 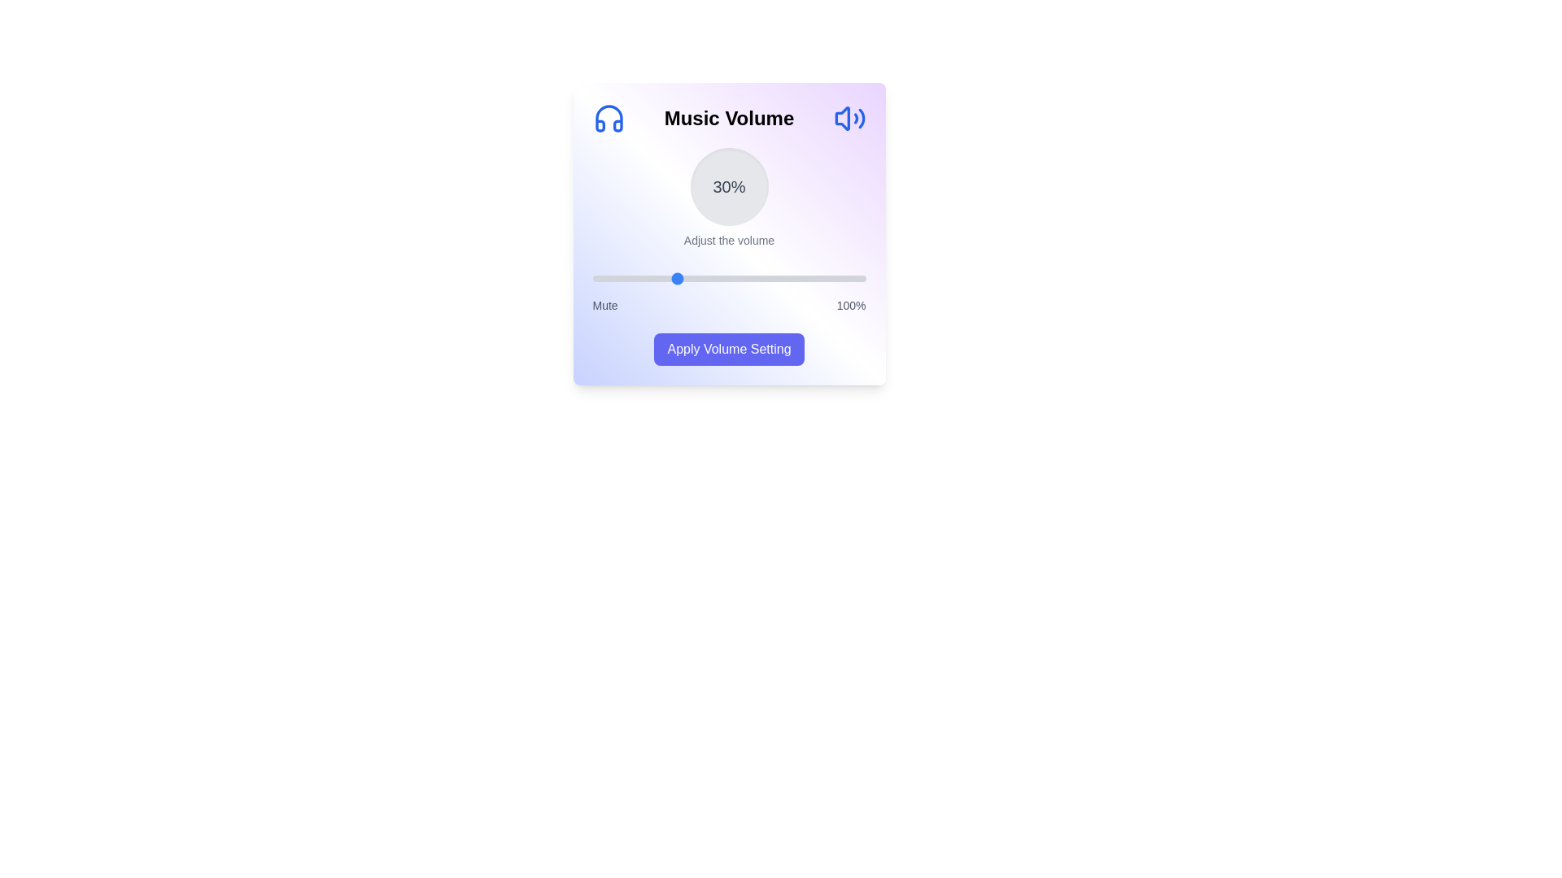 I want to click on the center of the 'Music Volume' title, so click(x=728, y=118).